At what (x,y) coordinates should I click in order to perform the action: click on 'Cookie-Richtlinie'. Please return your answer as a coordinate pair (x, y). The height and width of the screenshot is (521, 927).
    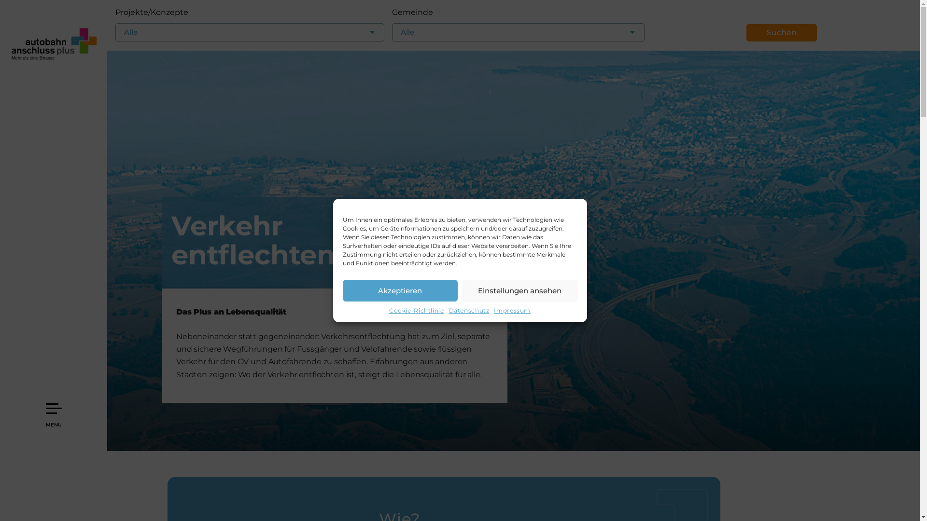
    Looking at the image, I should click on (417, 311).